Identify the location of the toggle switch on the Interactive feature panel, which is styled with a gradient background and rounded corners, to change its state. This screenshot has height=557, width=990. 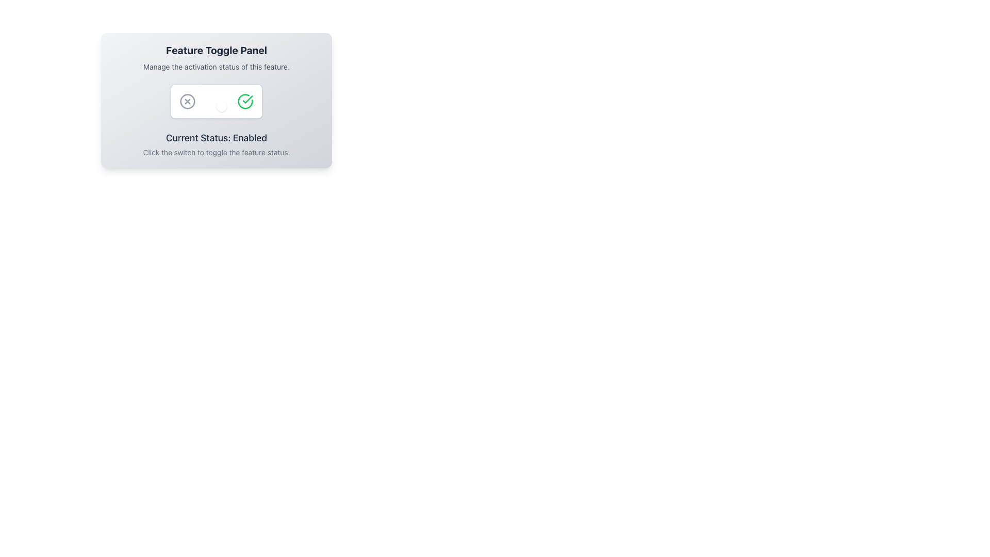
(216, 101).